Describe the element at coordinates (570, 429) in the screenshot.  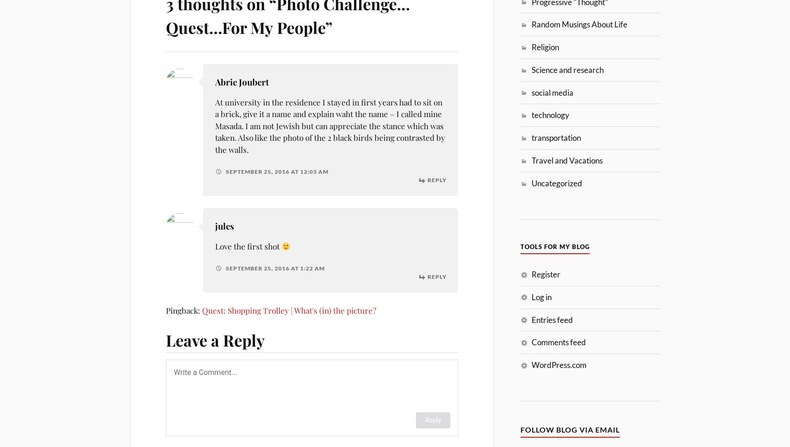
I see `'Follow Blog via Email'` at that location.